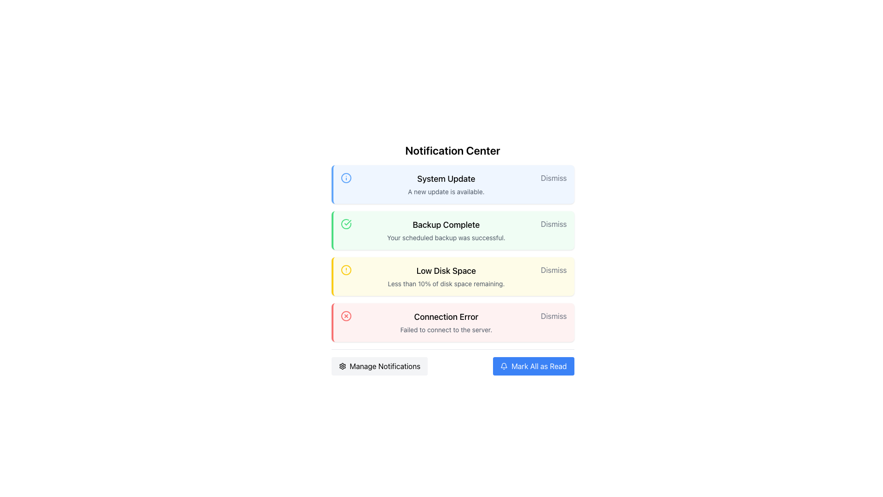 The width and height of the screenshot is (883, 497). What do you see at coordinates (453, 185) in the screenshot?
I see `the first Notification card in the Notification Center that informs about a system update, which includes a dismiss link` at bounding box center [453, 185].